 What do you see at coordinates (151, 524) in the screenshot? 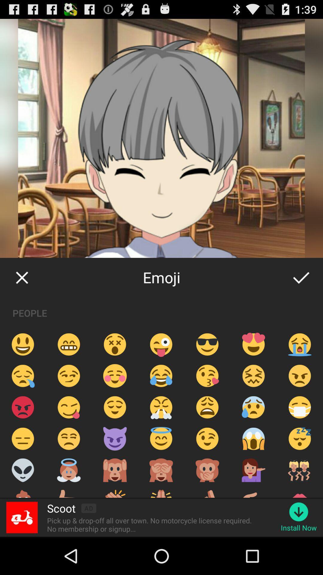
I see `app to the left of install now icon` at bounding box center [151, 524].